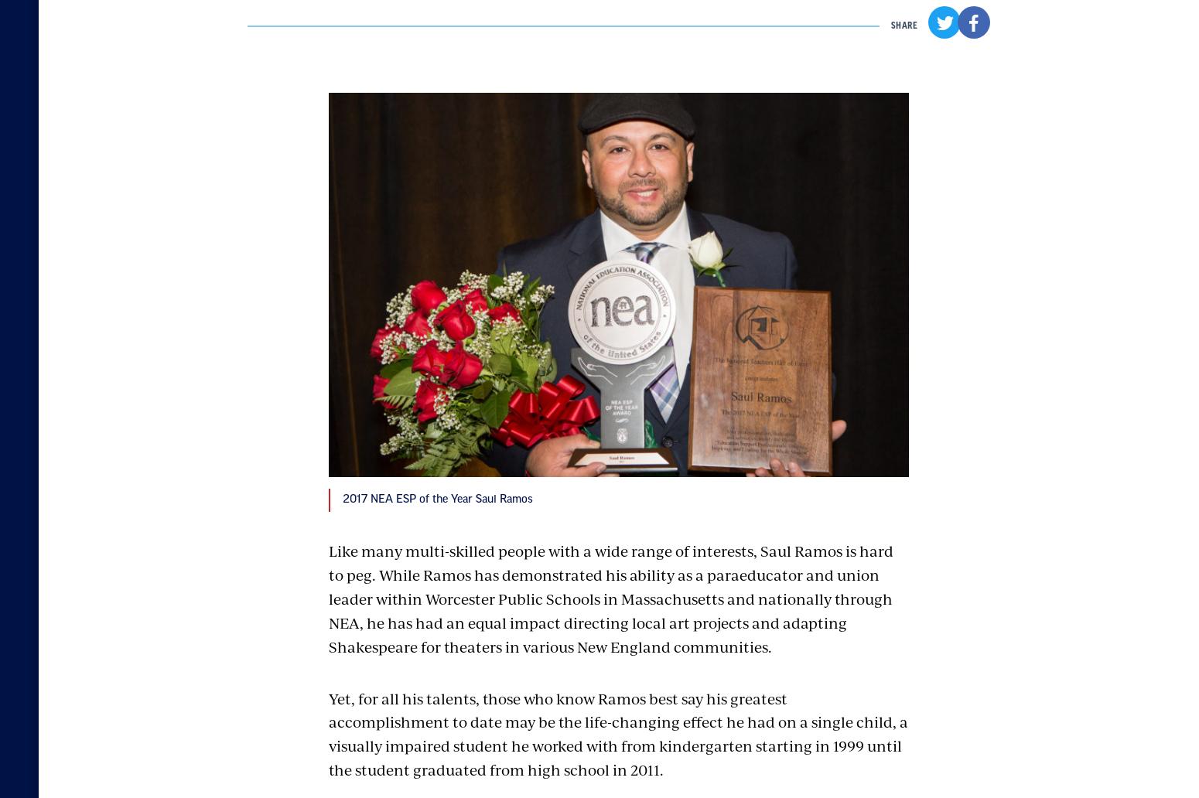 The height and width of the screenshot is (798, 1199). Describe the element at coordinates (480, 588) in the screenshot. I see `'Careers'` at that location.